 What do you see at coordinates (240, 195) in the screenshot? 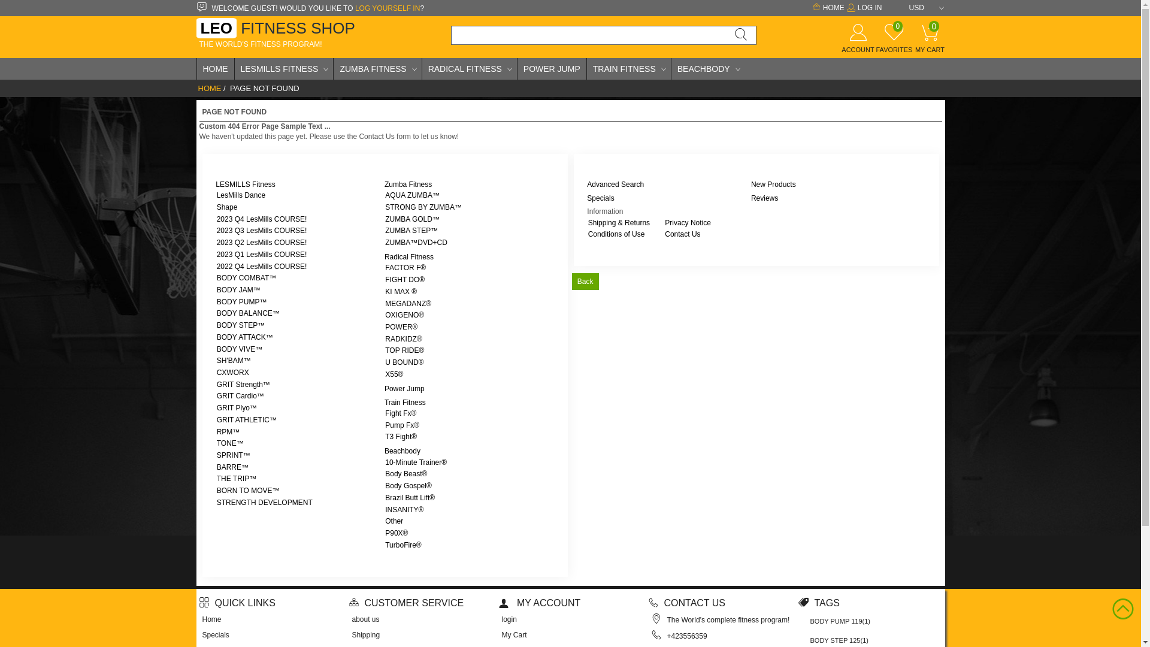
I see `'LesMills Dance'` at bounding box center [240, 195].